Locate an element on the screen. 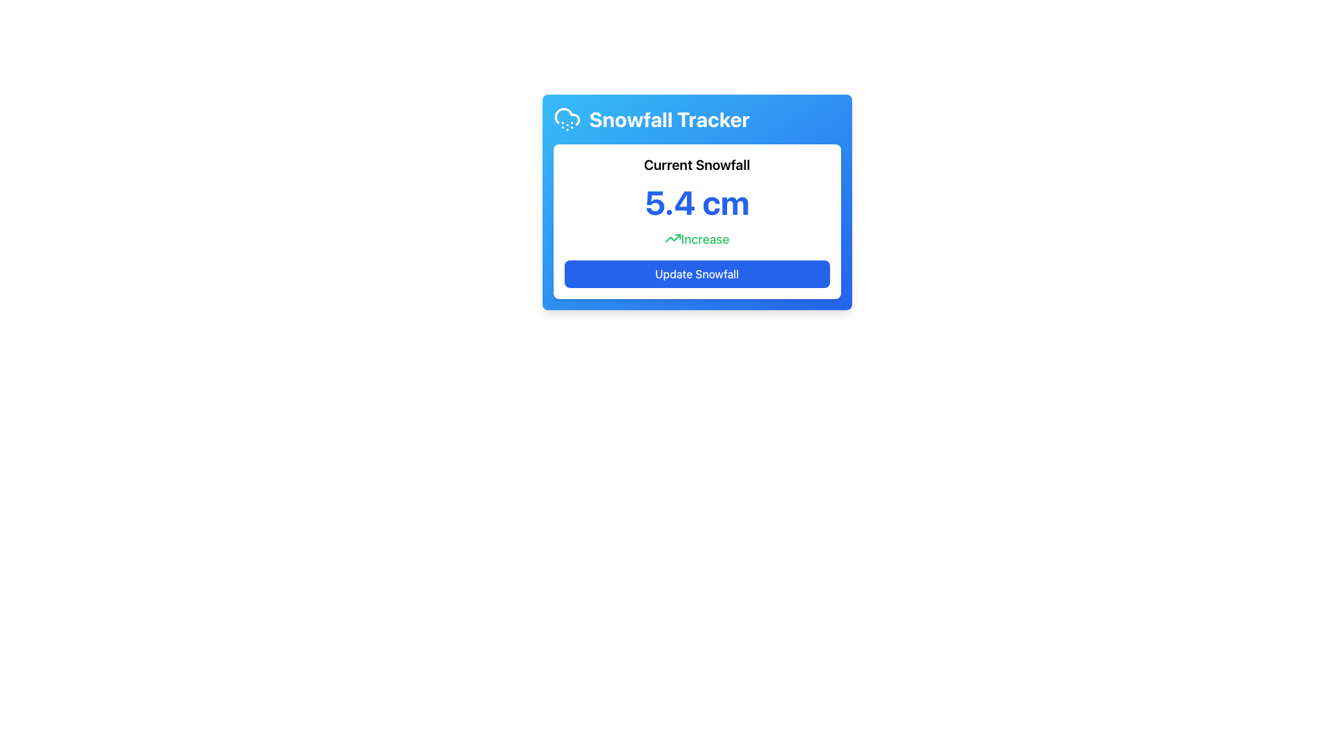  the 'Increase' icon with text, which features a bold green font and an upward trending arrow, located below the '5.4 cm' text and above the 'Update Snowfall' button is located at coordinates (697, 239).